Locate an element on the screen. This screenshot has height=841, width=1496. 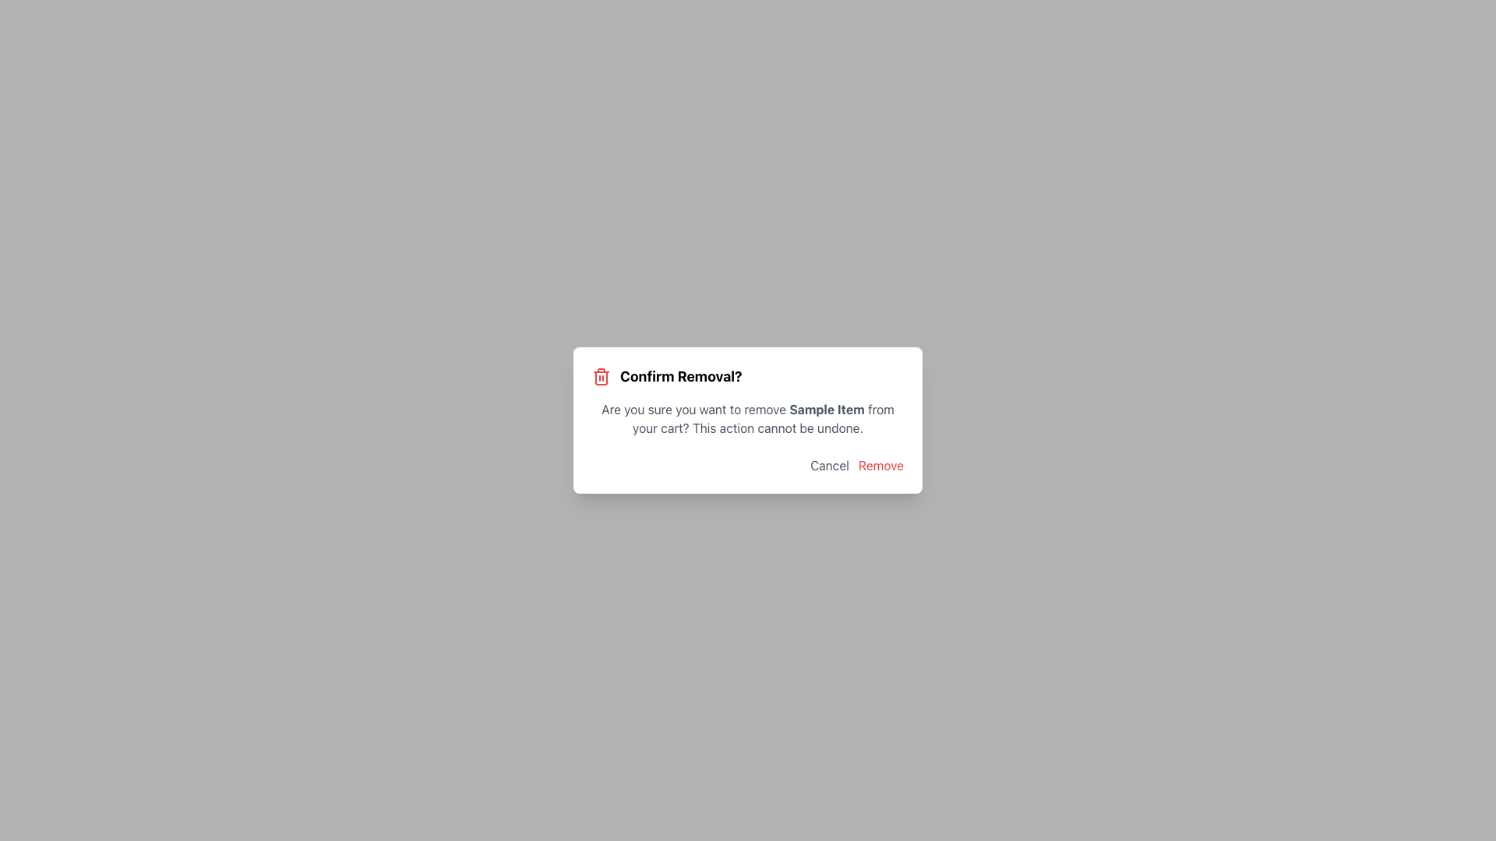
the 'Cancel' button styled in gray, located at the bottom-right corner of the confirmation dialog box, immediately to the left of the 'Remove' option is located at coordinates (829, 464).